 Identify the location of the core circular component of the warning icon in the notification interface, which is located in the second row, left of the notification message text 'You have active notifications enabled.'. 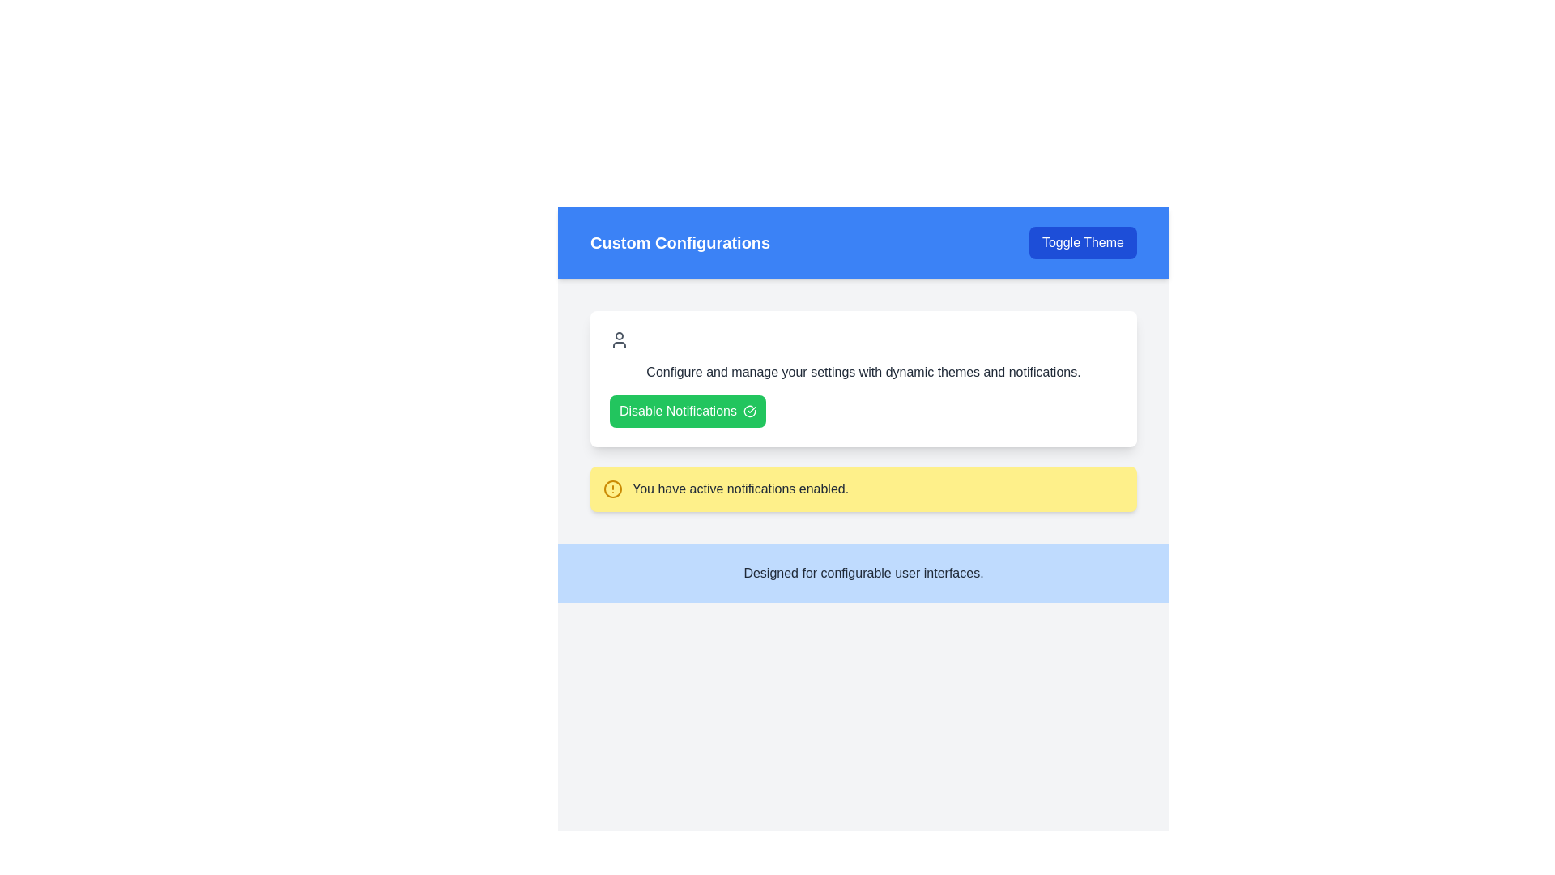
(612, 489).